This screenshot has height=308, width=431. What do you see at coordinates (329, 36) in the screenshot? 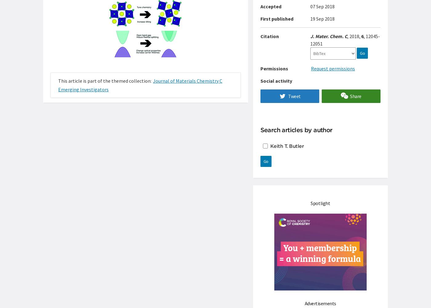
I see `'J. Mater. Chem. C'` at bounding box center [329, 36].